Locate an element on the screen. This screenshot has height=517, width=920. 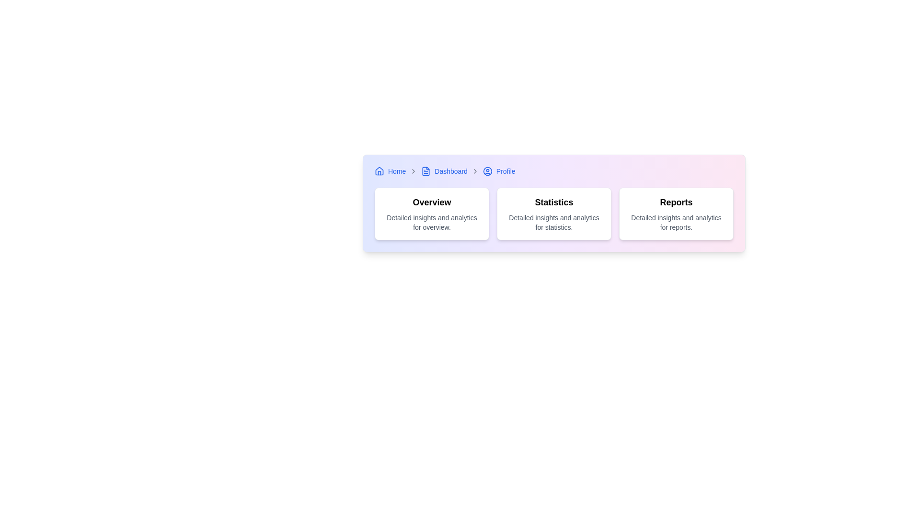
the Breadcrumb navigation bar is located at coordinates (554, 171).